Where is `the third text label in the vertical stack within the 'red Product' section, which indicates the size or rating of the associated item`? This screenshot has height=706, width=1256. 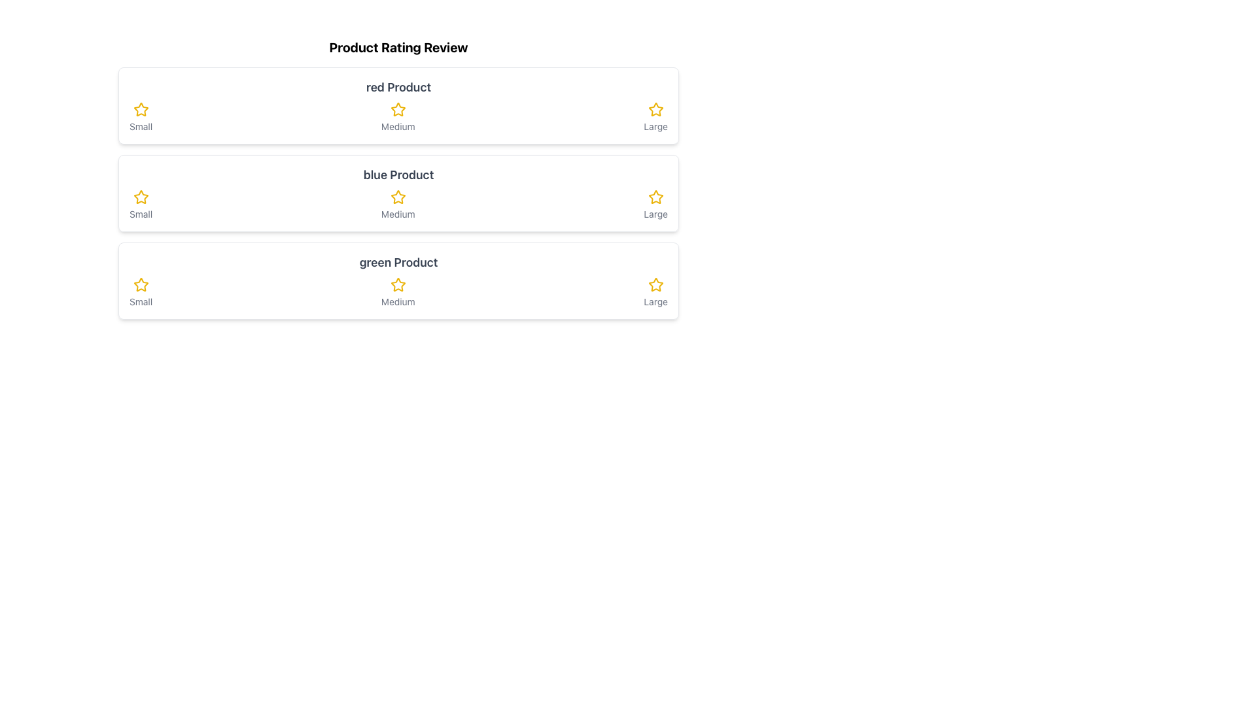
the third text label in the vertical stack within the 'red Product' section, which indicates the size or rating of the associated item is located at coordinates (655, 126).